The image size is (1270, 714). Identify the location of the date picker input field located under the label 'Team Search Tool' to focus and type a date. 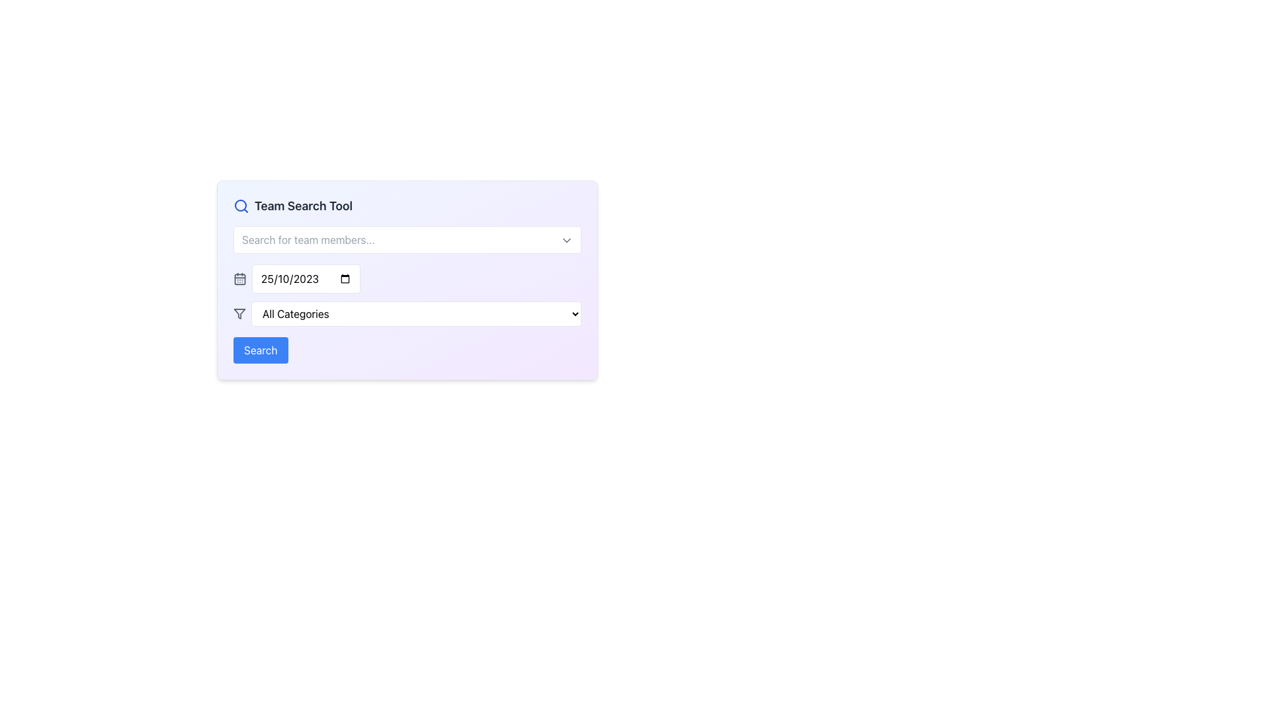
(305, 278).